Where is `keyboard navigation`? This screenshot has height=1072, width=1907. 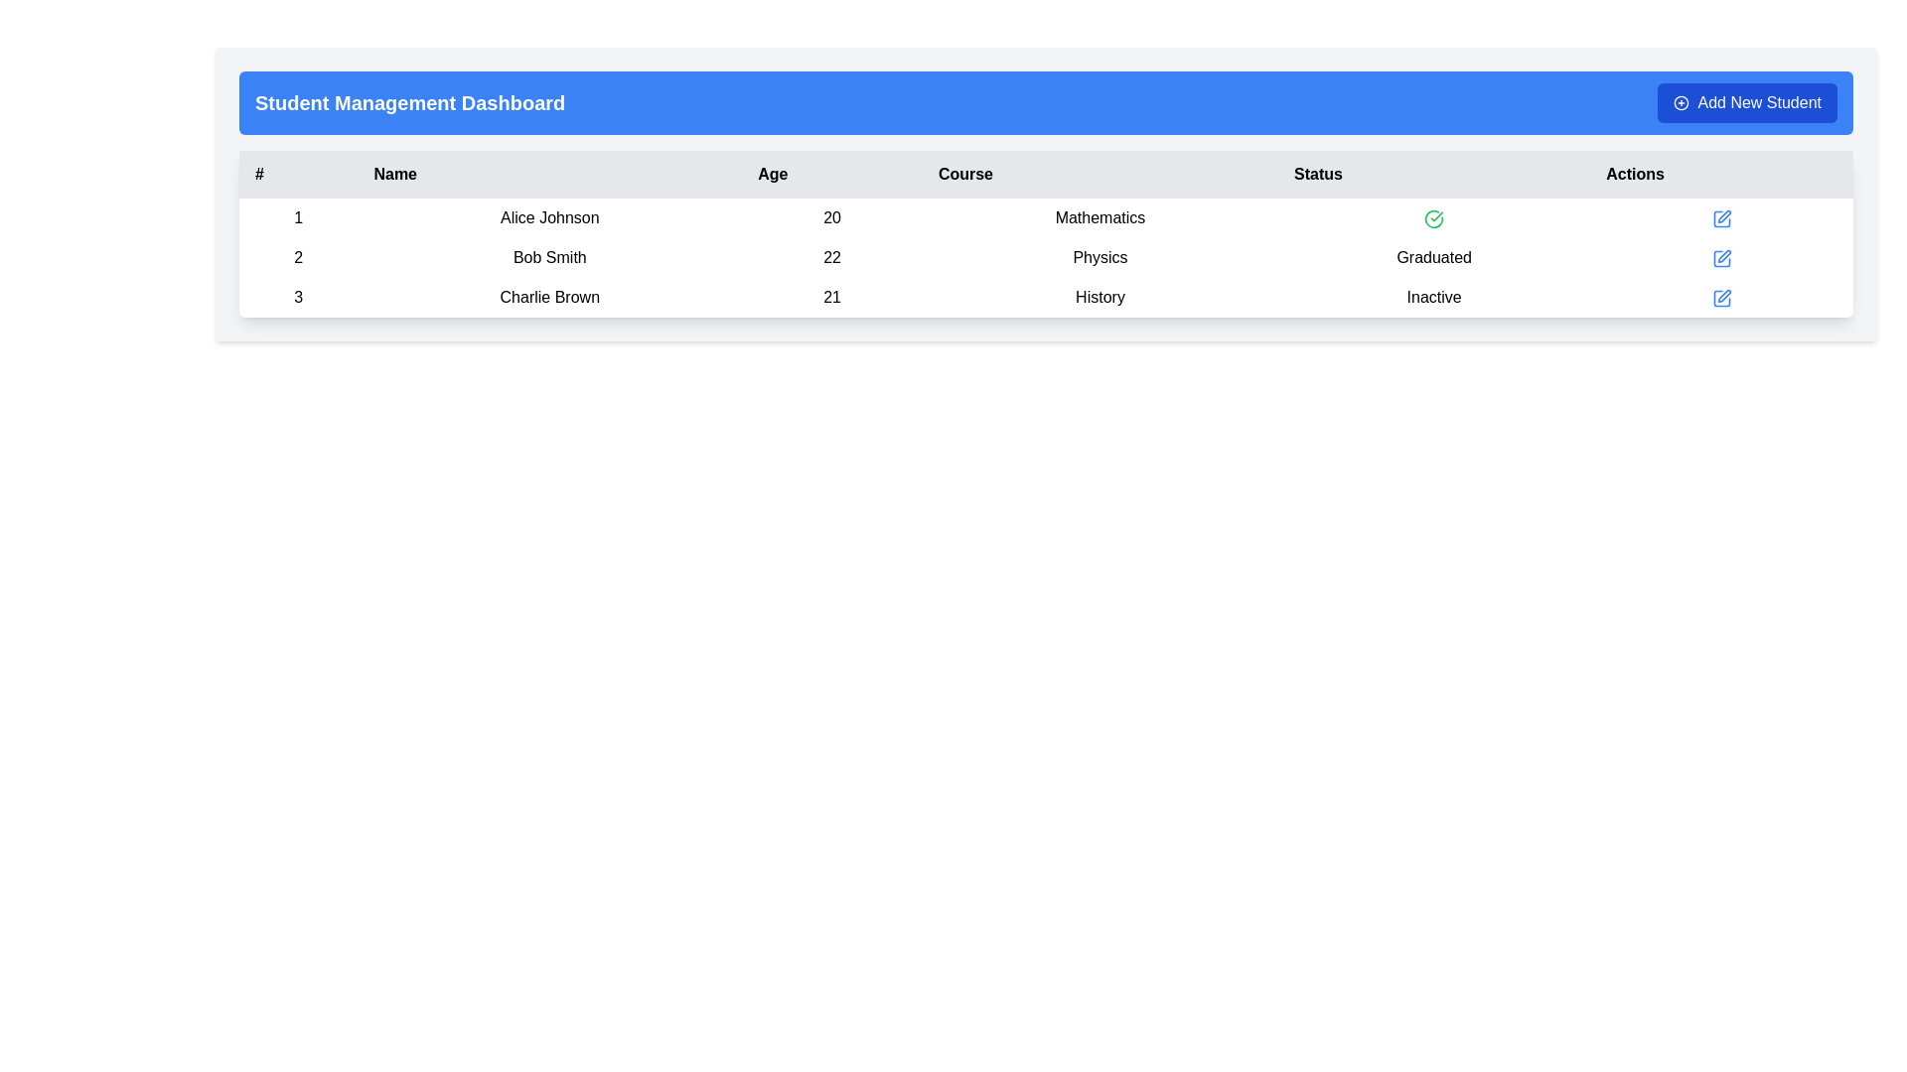 keyboard navigation is located at coordinates (1746, 103).